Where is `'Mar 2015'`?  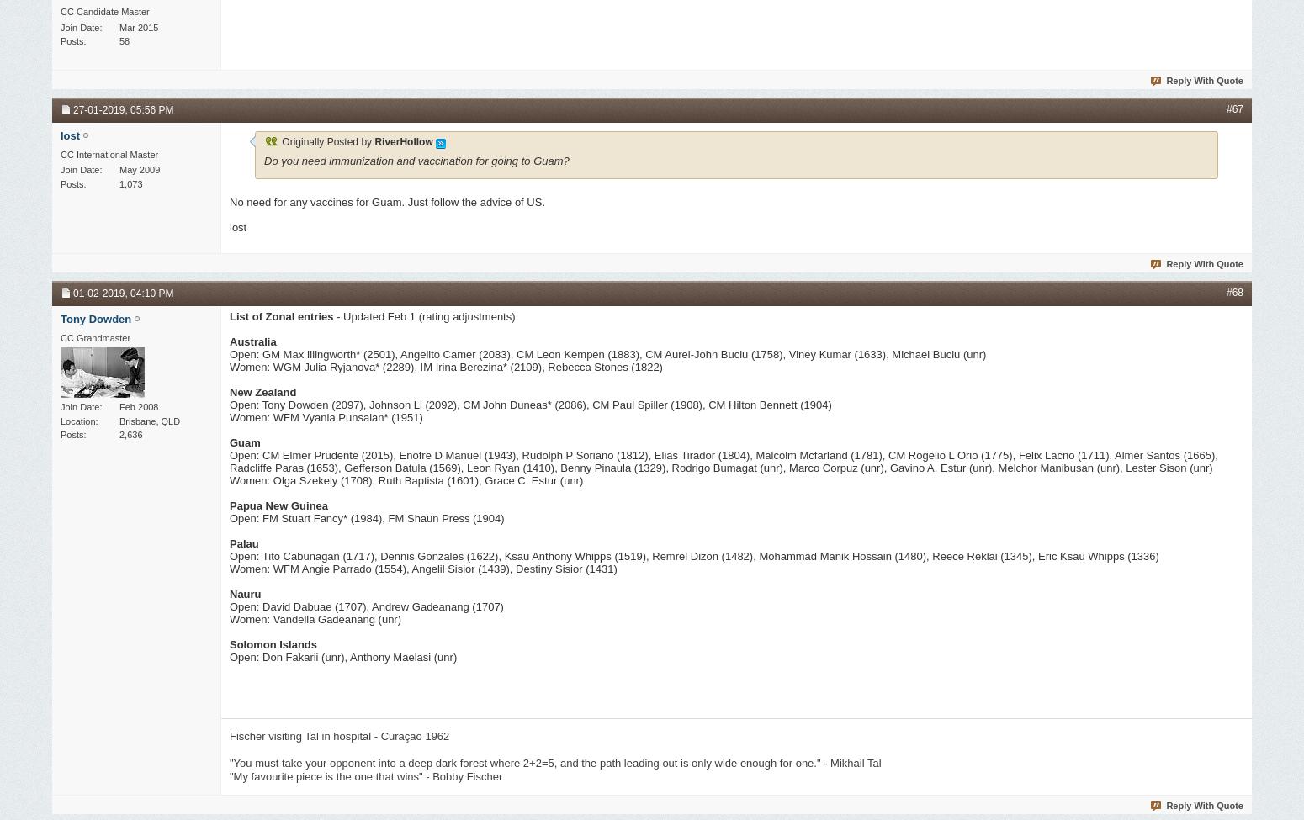 'Mar 2015' is located at coordinates (119, 26).